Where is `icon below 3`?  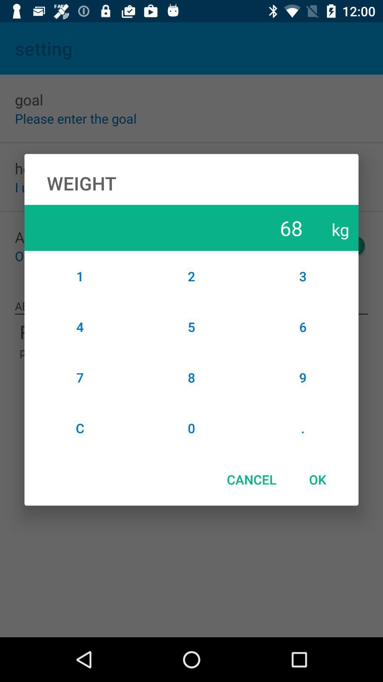 icon below 3 is located at coordinates (303, 326).